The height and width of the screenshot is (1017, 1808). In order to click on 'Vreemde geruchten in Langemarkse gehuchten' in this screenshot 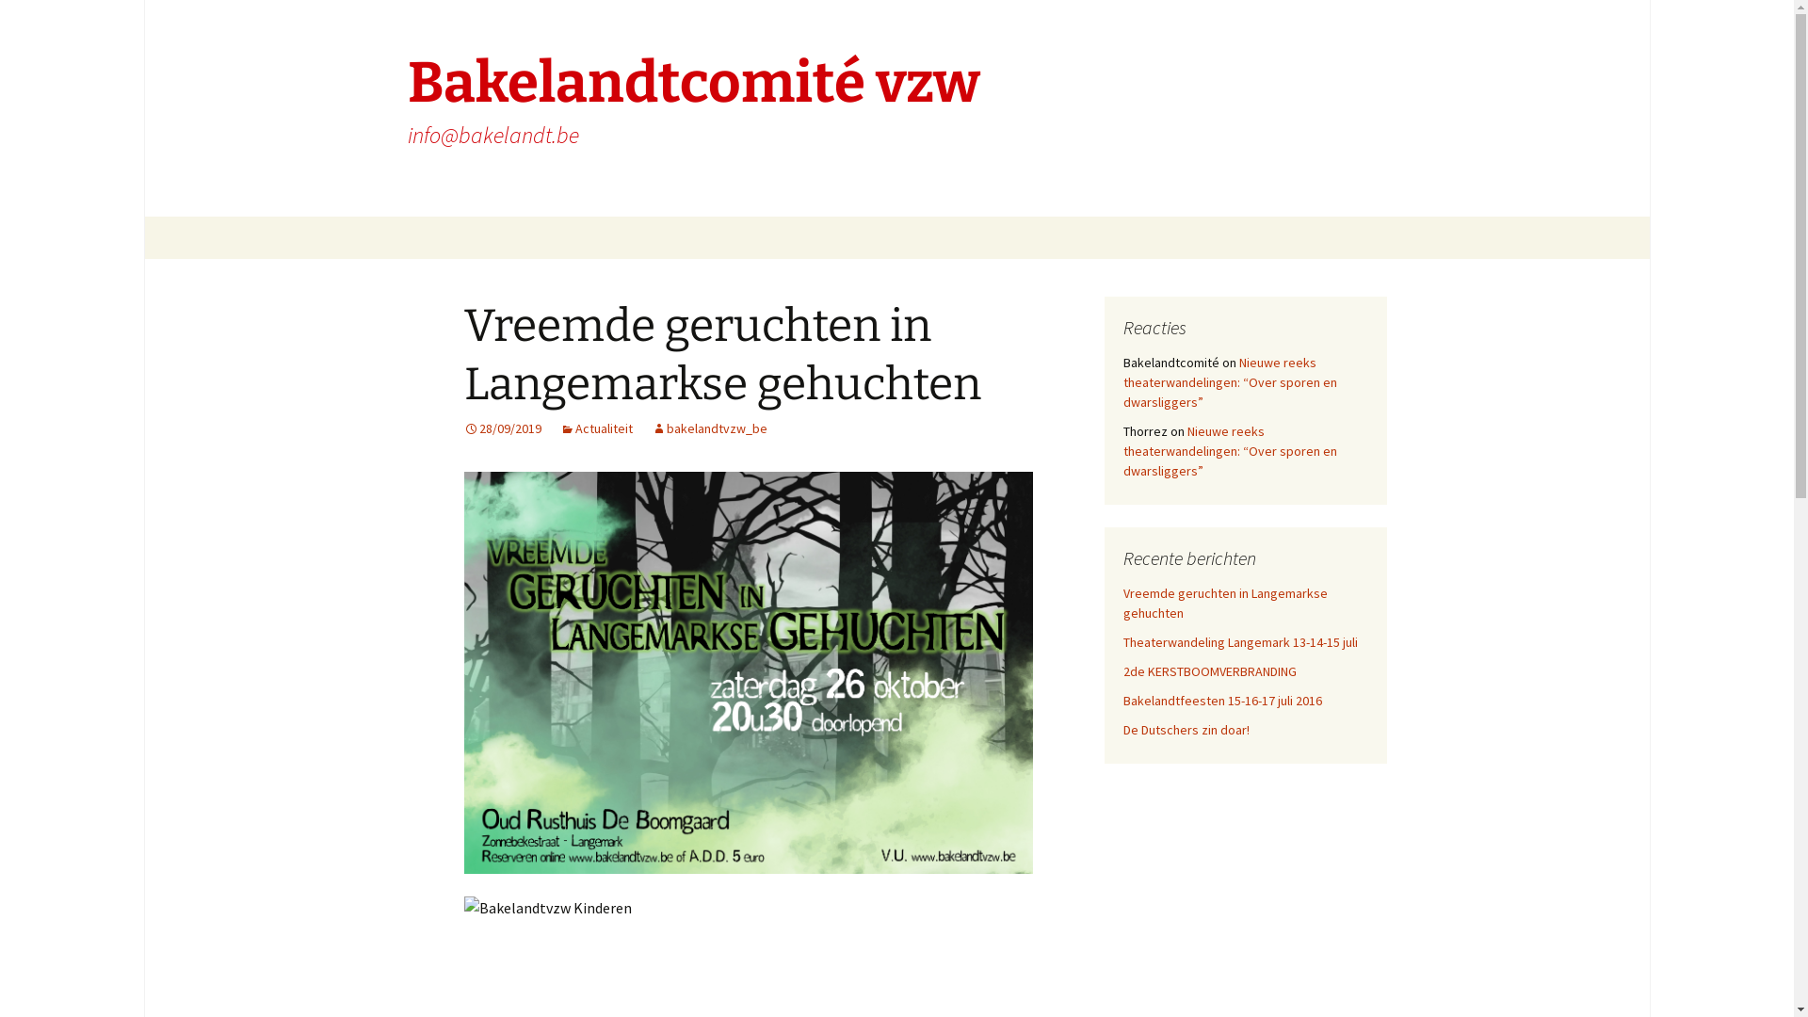, I will do `click(720, 355)`.